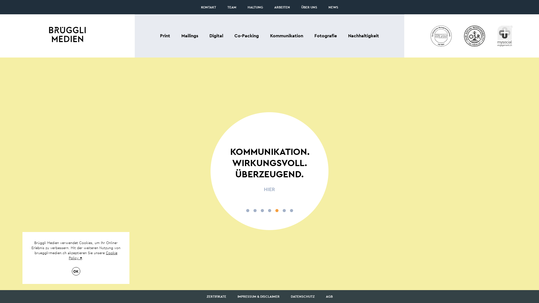 The width and height of the screenshot is (539, 303). Describe the element at coordinates (190, 36) in the screenshot. I see `'Mailings'` at that location.